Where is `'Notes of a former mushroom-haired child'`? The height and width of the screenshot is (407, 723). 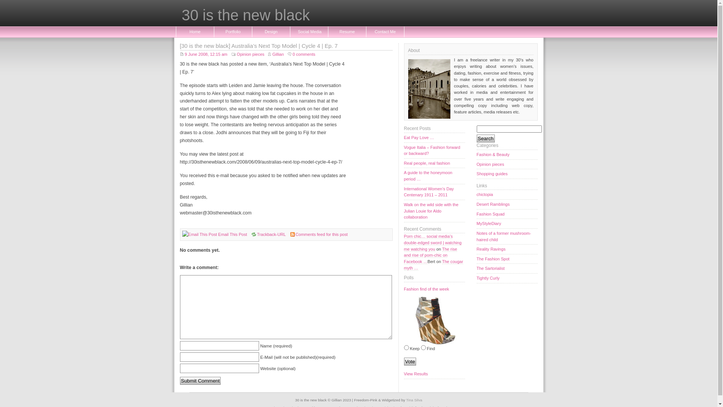
'Notes of a former mushroom-haired child' is located at coordinates (507, 236).